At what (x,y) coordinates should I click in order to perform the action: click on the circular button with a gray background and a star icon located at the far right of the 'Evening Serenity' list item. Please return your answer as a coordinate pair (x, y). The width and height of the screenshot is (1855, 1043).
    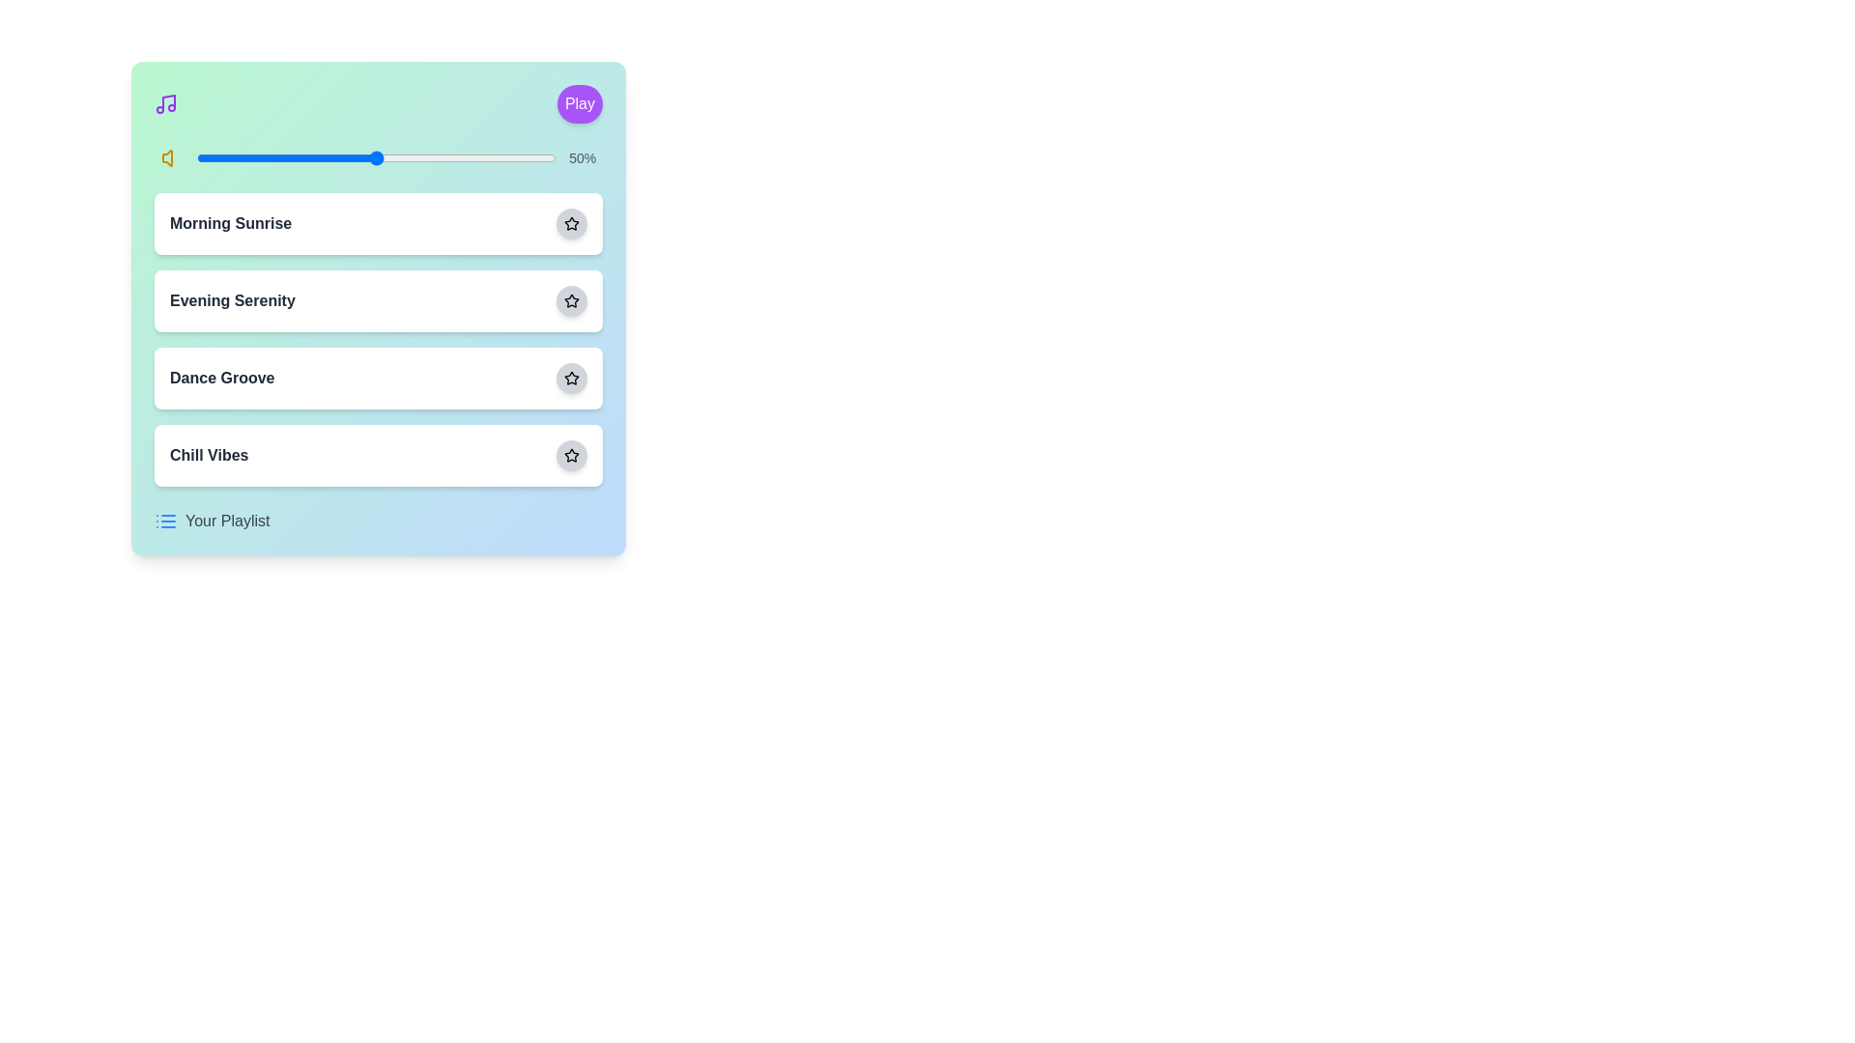
    Looking at the image, I should click on (570, 301).